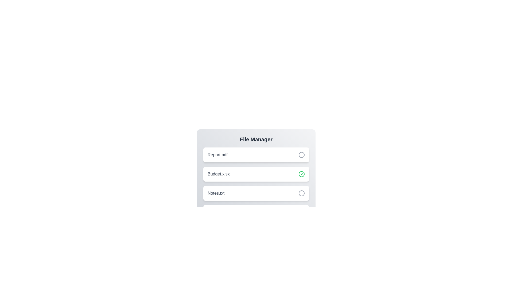 The image size is (513, 288). Describe the element at coordinates (301, 193) in the screenshot. I see `the file item Notes.txt by clicking its associated button` at that location.